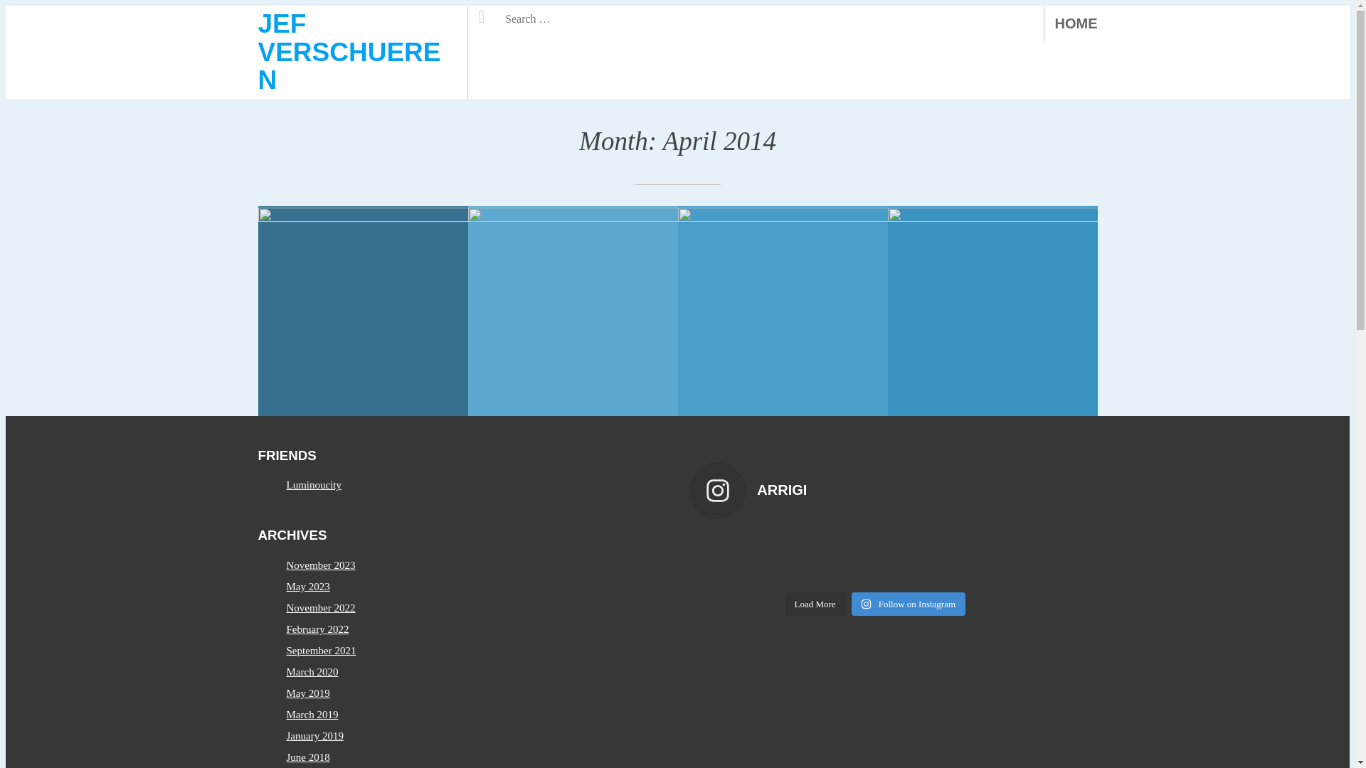  What do you see at coordinates (317, 628) in the screenshot?
I see `'February 2022'` at bounding box center [317, 628].